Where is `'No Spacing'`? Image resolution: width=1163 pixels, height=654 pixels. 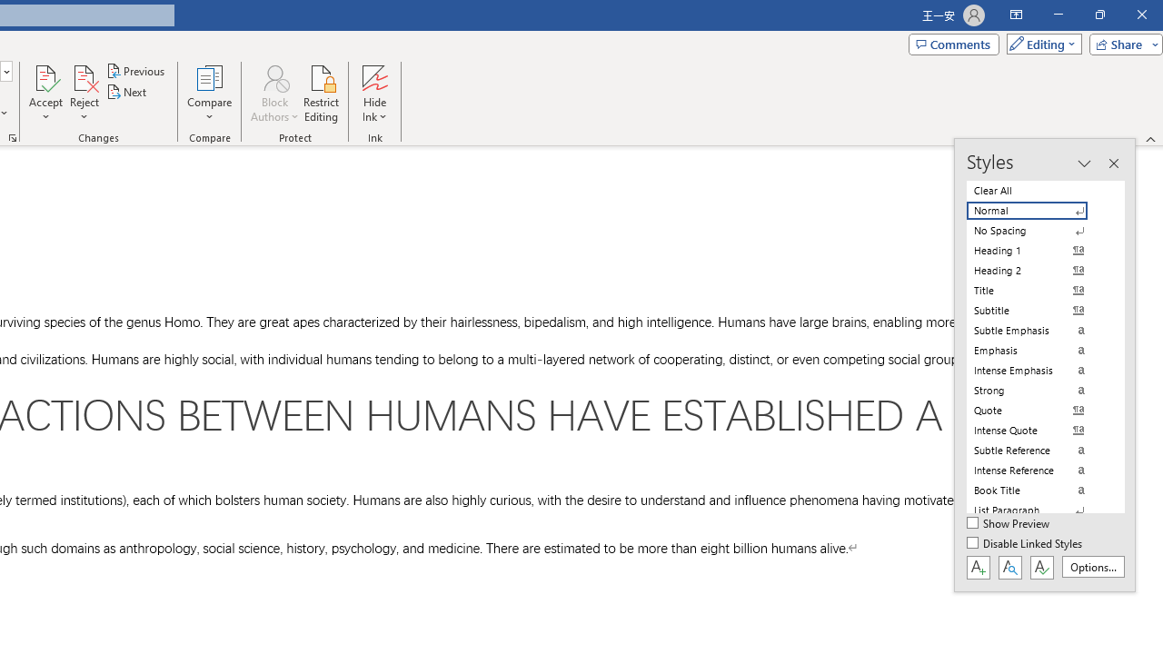 'No Spacing' is located at coordinates (1038, 230).